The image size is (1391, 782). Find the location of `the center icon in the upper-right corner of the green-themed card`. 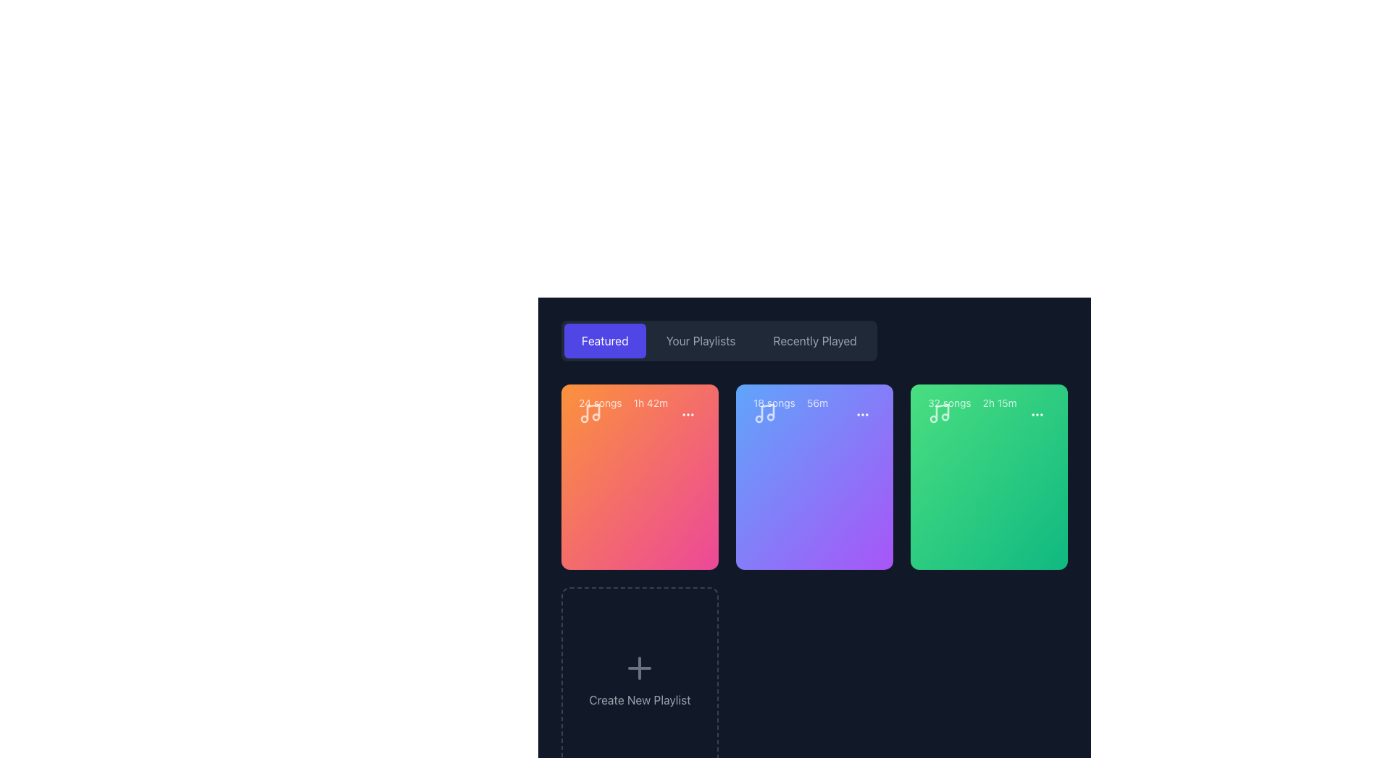

the center icon in the upper-right corner of the green-themed card is located at coordinates (1036, 415).